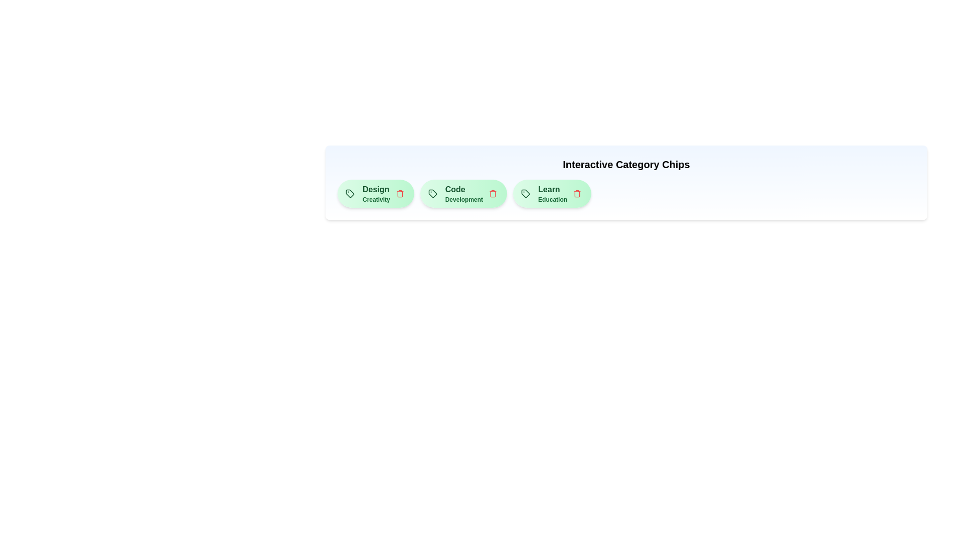 The image size is (963, 542). What do you see at coordinates (493, 193) in the screenshot?
I see `trash icon of the chip labeled Code to remove it` at bounding box center [493, 193].